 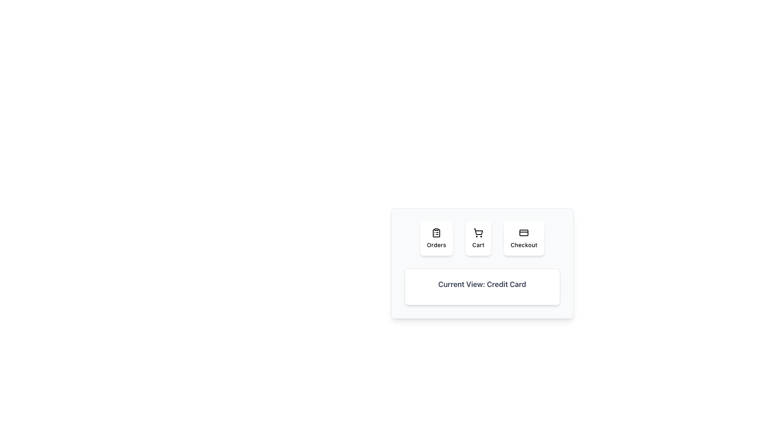 I want to click on the rectangular white button with rounded corners labeled 'Orders', so click(x=436, y=238).